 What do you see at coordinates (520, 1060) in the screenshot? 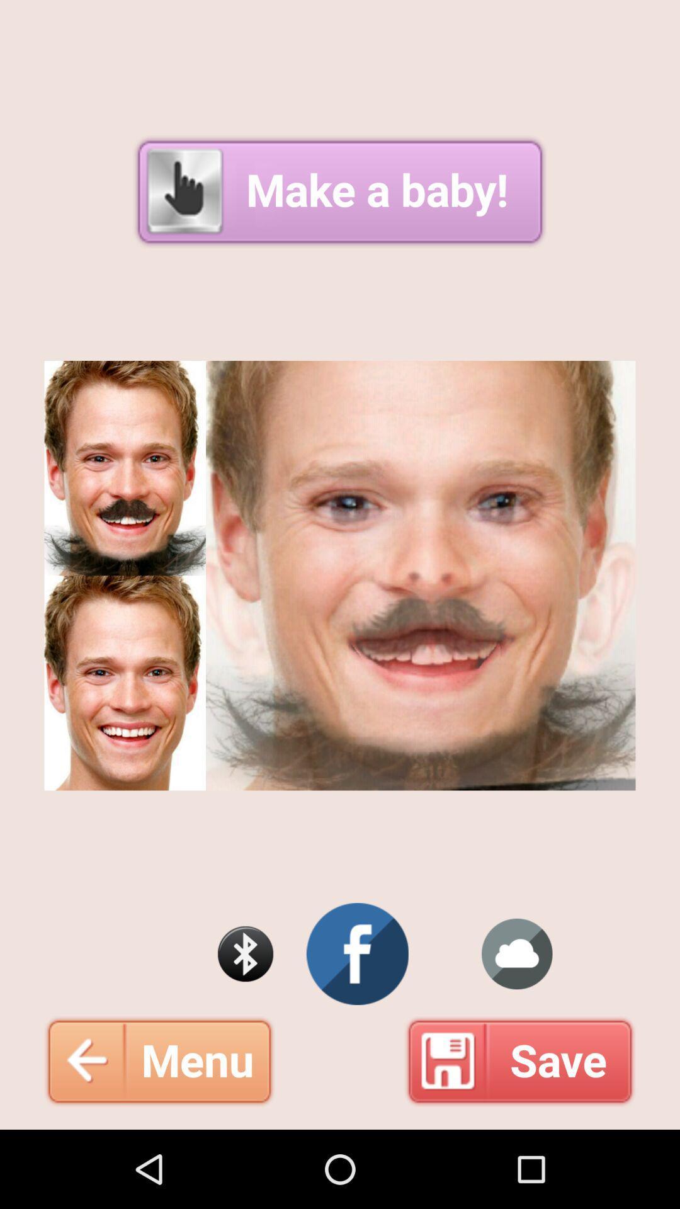
I see `save item` at bounding box center [520, 1060].